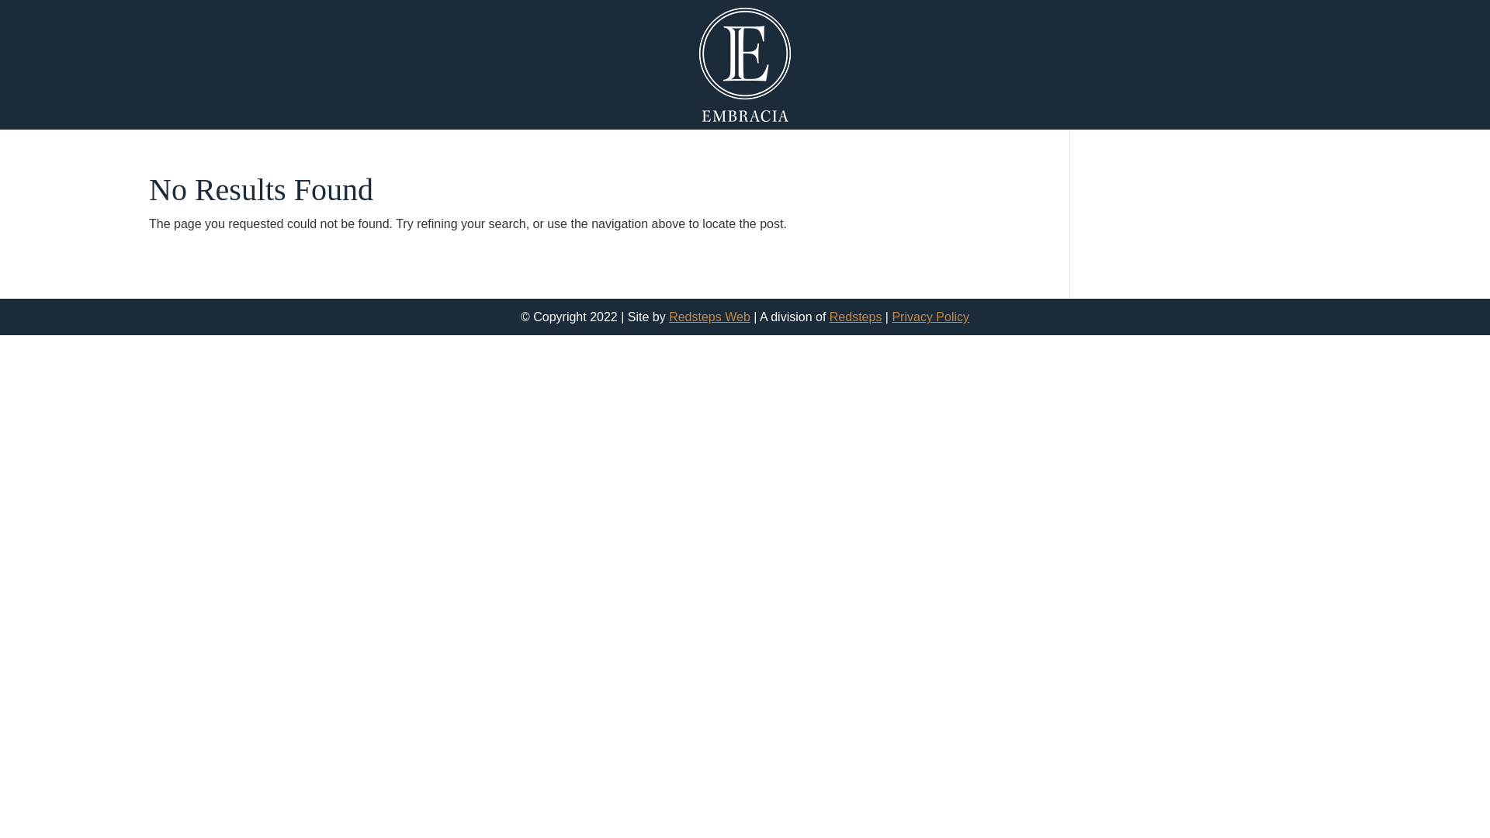 This screenshot has width=1490, height=838. Describe the element at coordinates (669, 316) in the screenshot. I see `'Redsteps Web'` at that location.